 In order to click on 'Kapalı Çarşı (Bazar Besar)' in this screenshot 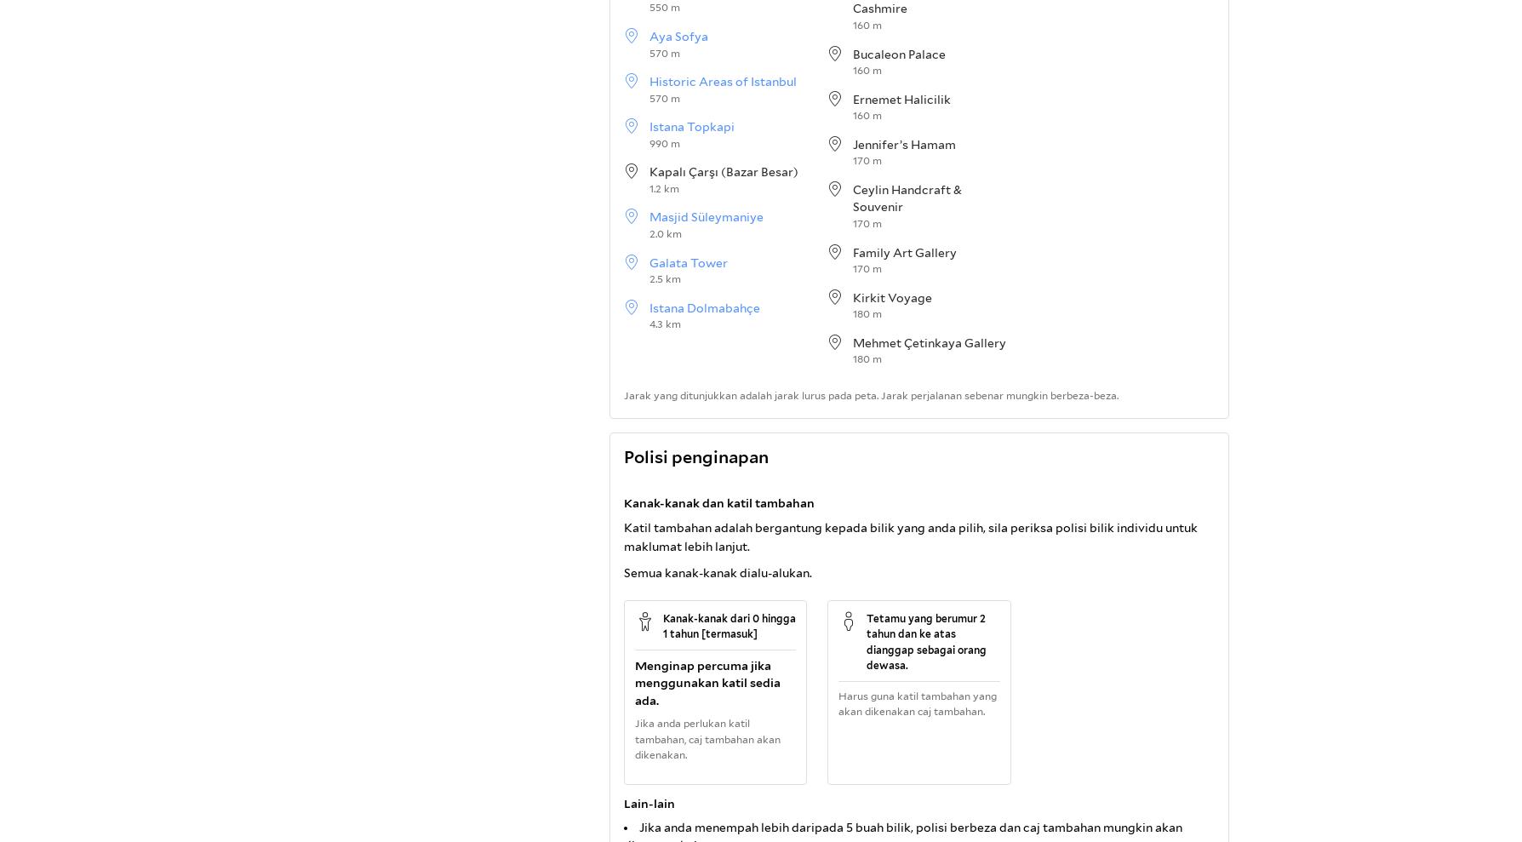, I will do `click(723, 171)`.